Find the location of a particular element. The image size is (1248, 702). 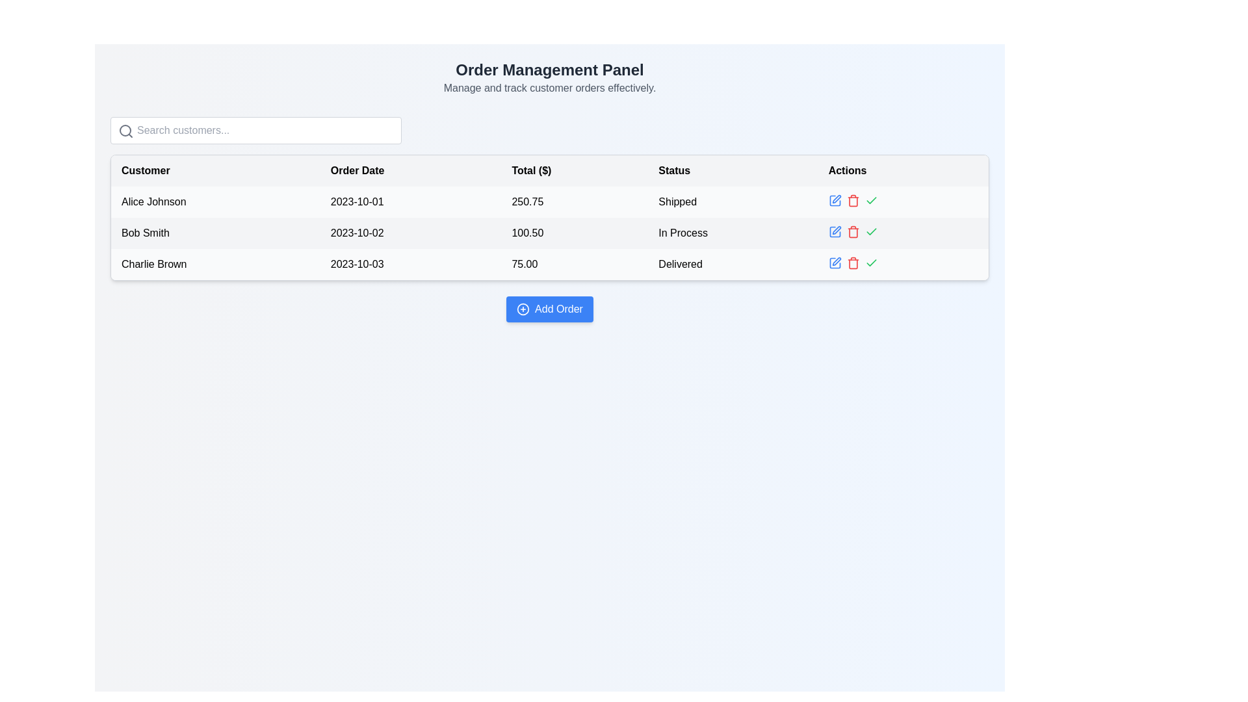

the green checkmark icon in the 'Actions' column of the right-most table row for the order made by 'Charlie Brown' is located at coordinates (871, 200).